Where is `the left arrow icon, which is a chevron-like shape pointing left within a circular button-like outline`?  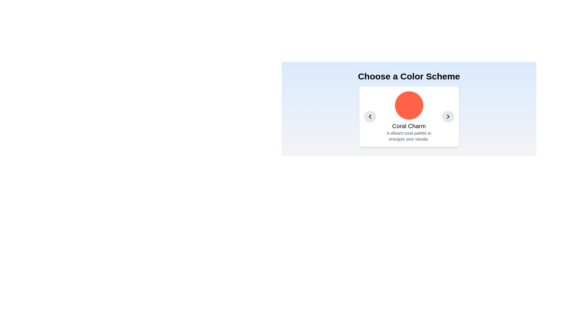
the left arrow icon, which is a chevron-like shape pointing left within a circular button-like outline is located at coordinates (369, 116).